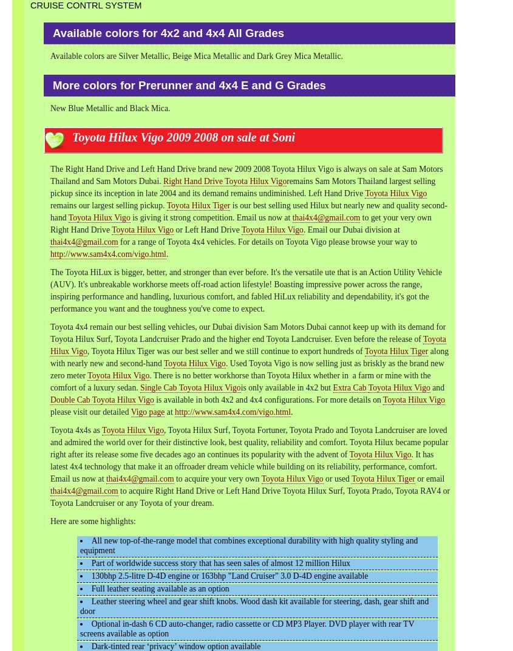  I want to click on 'or Left Hand Drive', so click(206, 230).